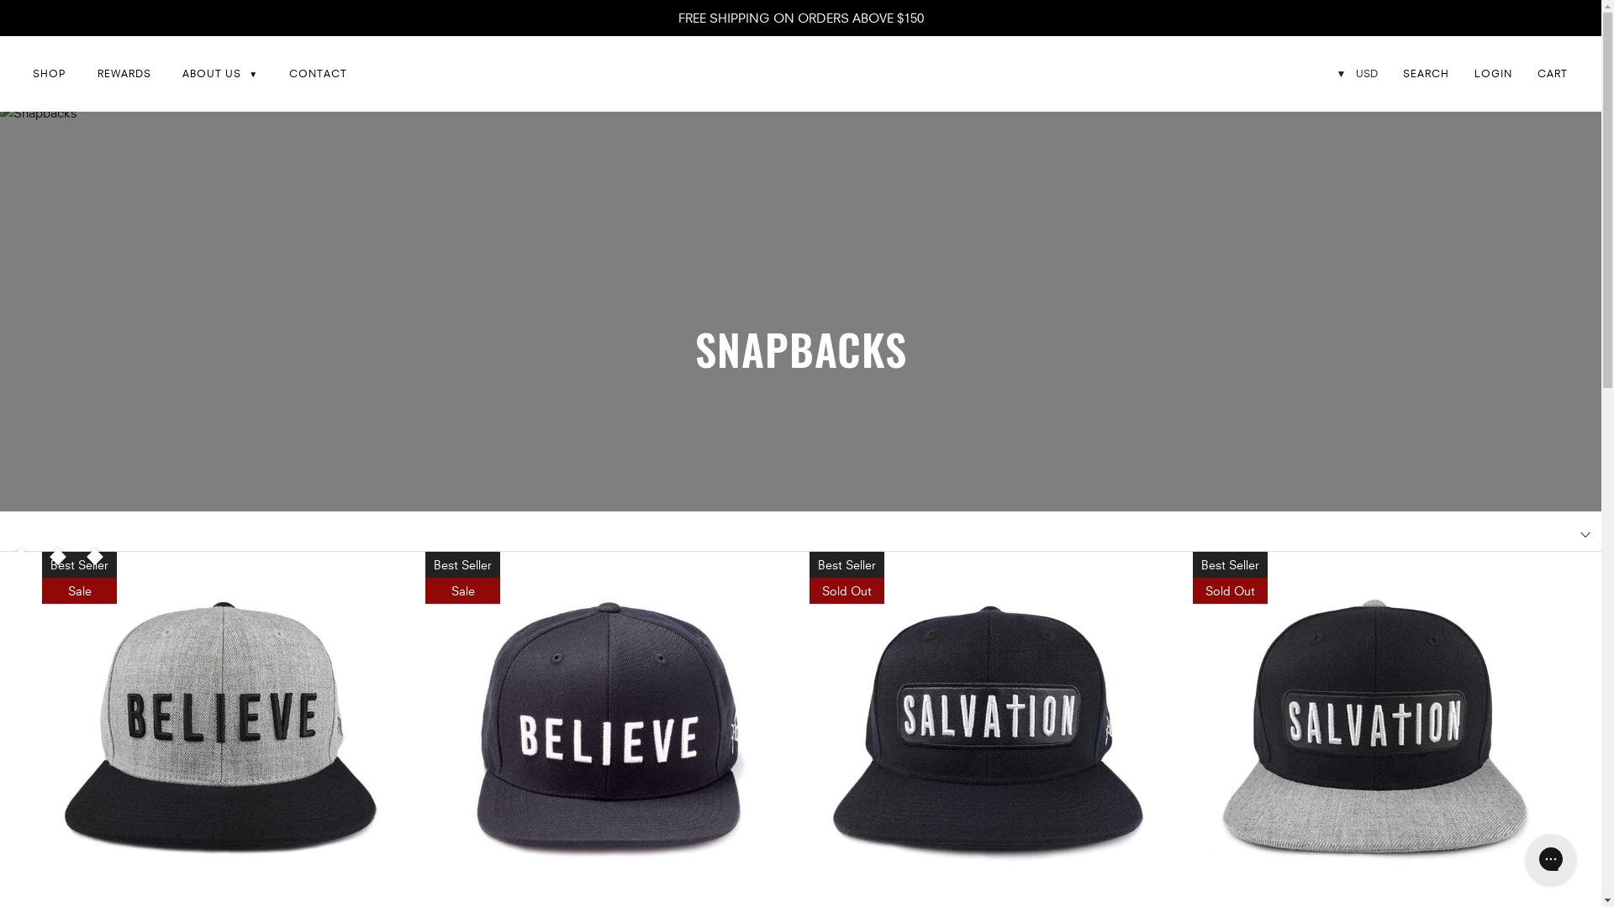  Describe the element at coordinates (123, 73) in the screenshot. I see `'REWARDS'` at that location.